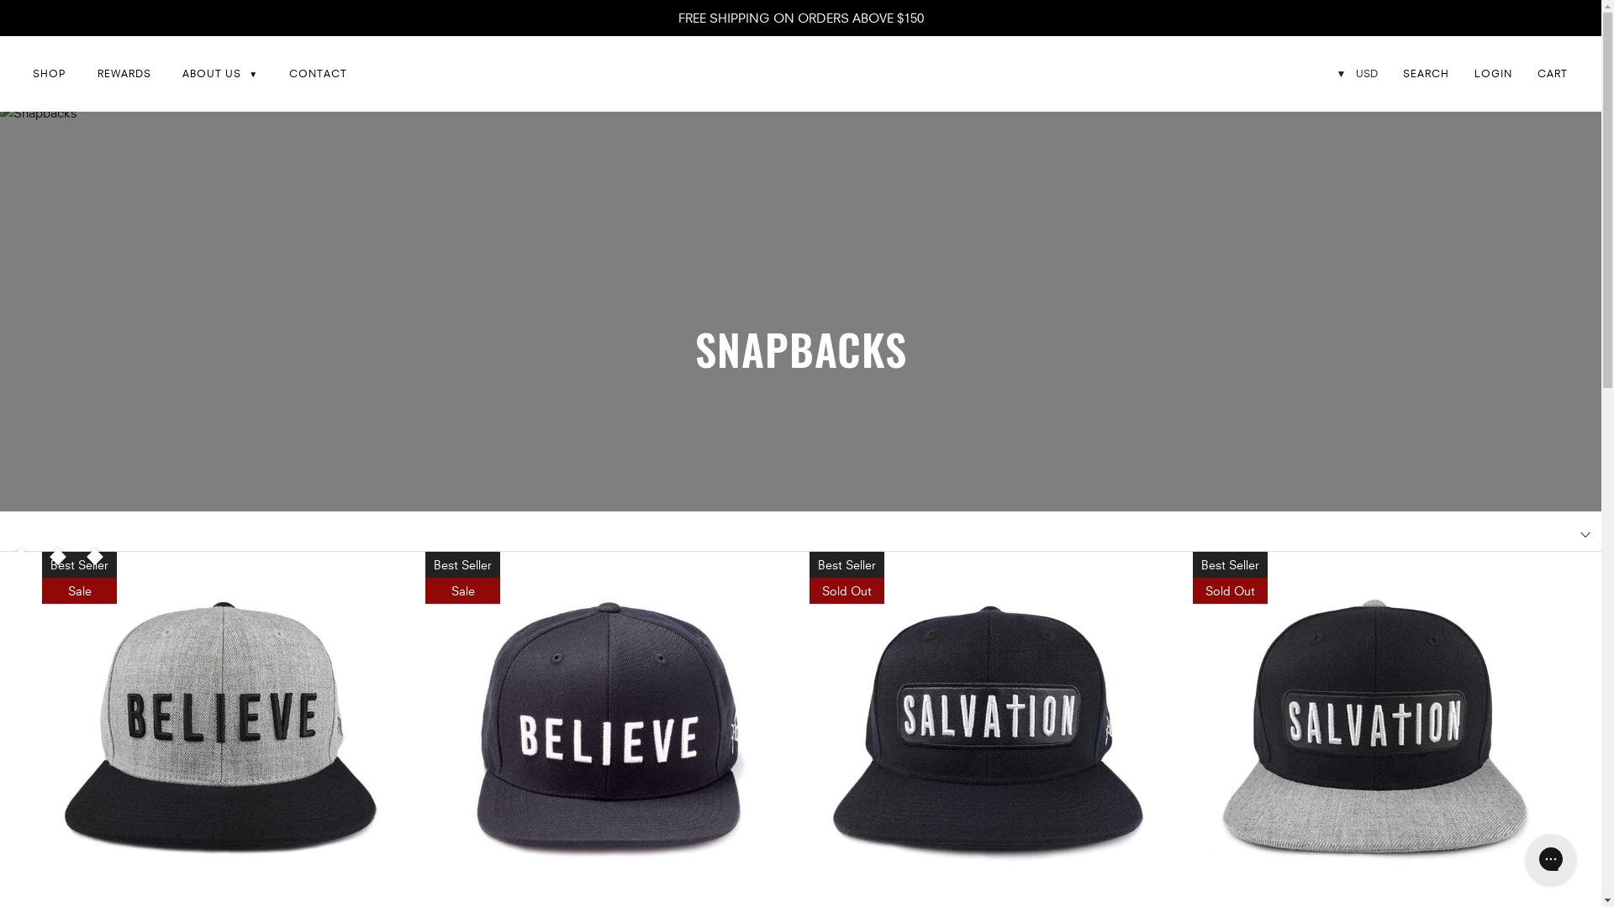  Describe the element at coordinates (123, 73) in the screenshot. I see `'REWARDS'` at that location.